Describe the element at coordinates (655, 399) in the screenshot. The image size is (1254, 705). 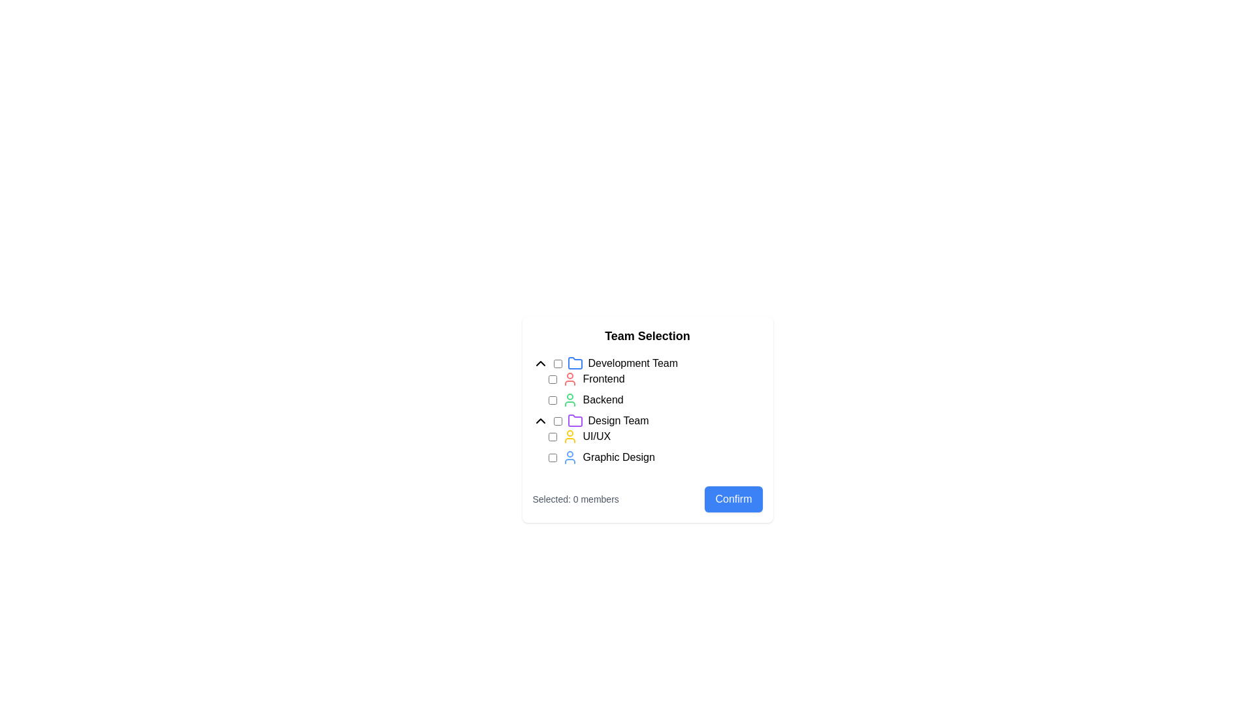
I see `to rearrange the 'Backend' team list item within the selection interface, which includes a checkbox, label, and icon, located centrally under the 'Development Team' group` at that location.